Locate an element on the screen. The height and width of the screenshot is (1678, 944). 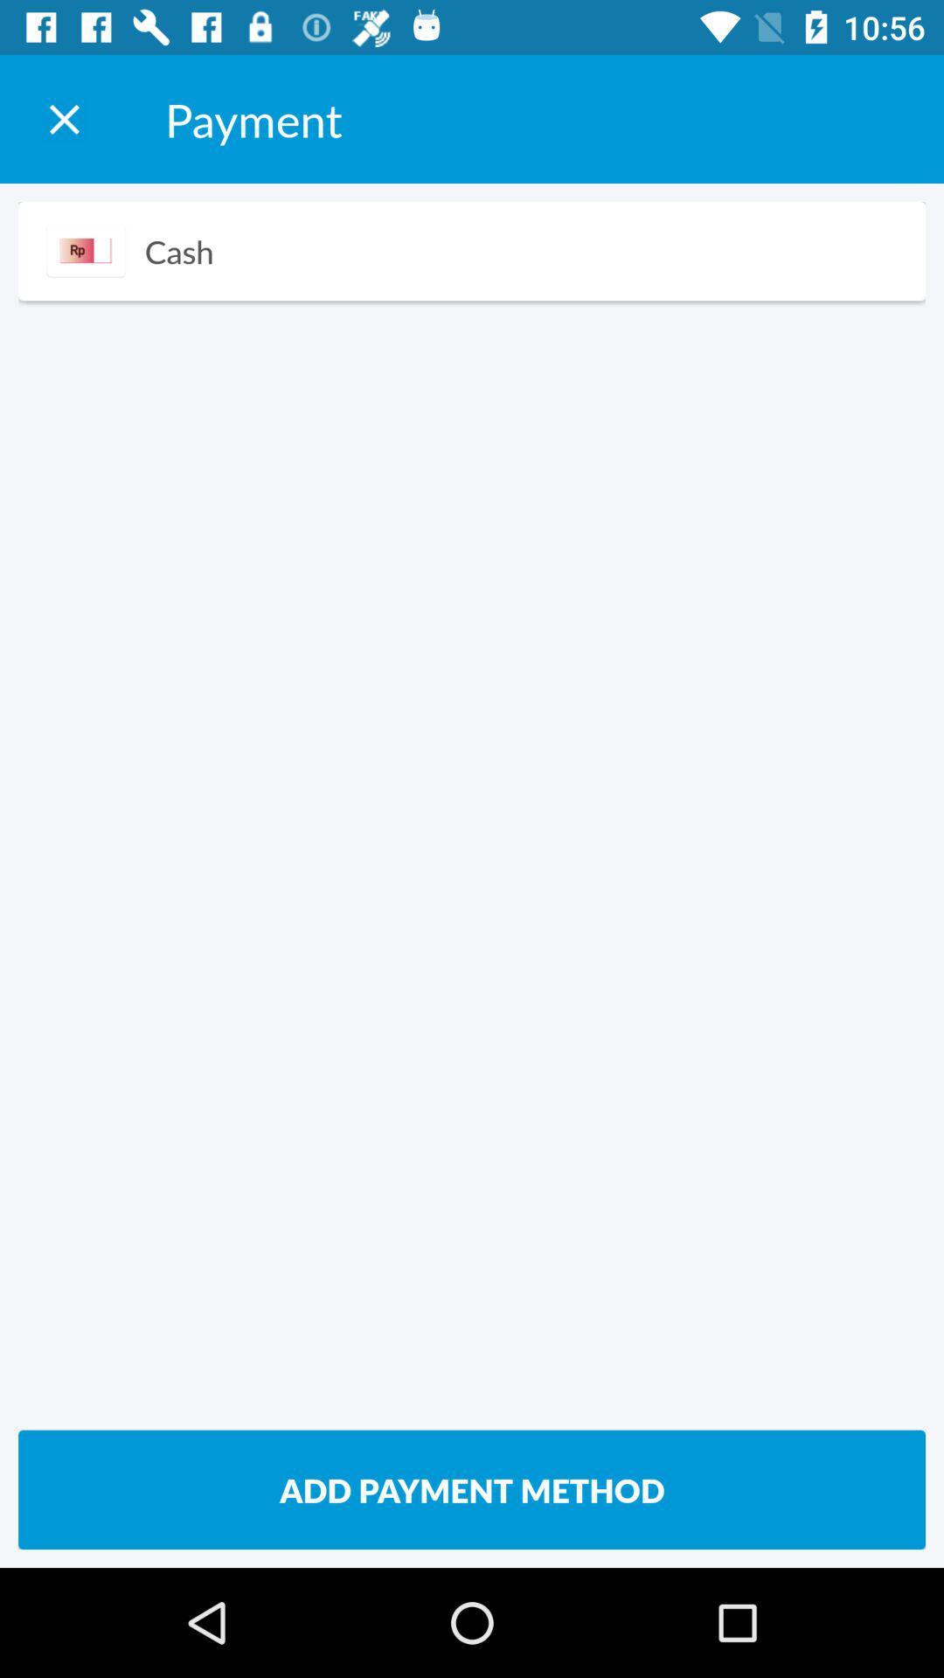
the cash icon is located at coordinates (179, 250).